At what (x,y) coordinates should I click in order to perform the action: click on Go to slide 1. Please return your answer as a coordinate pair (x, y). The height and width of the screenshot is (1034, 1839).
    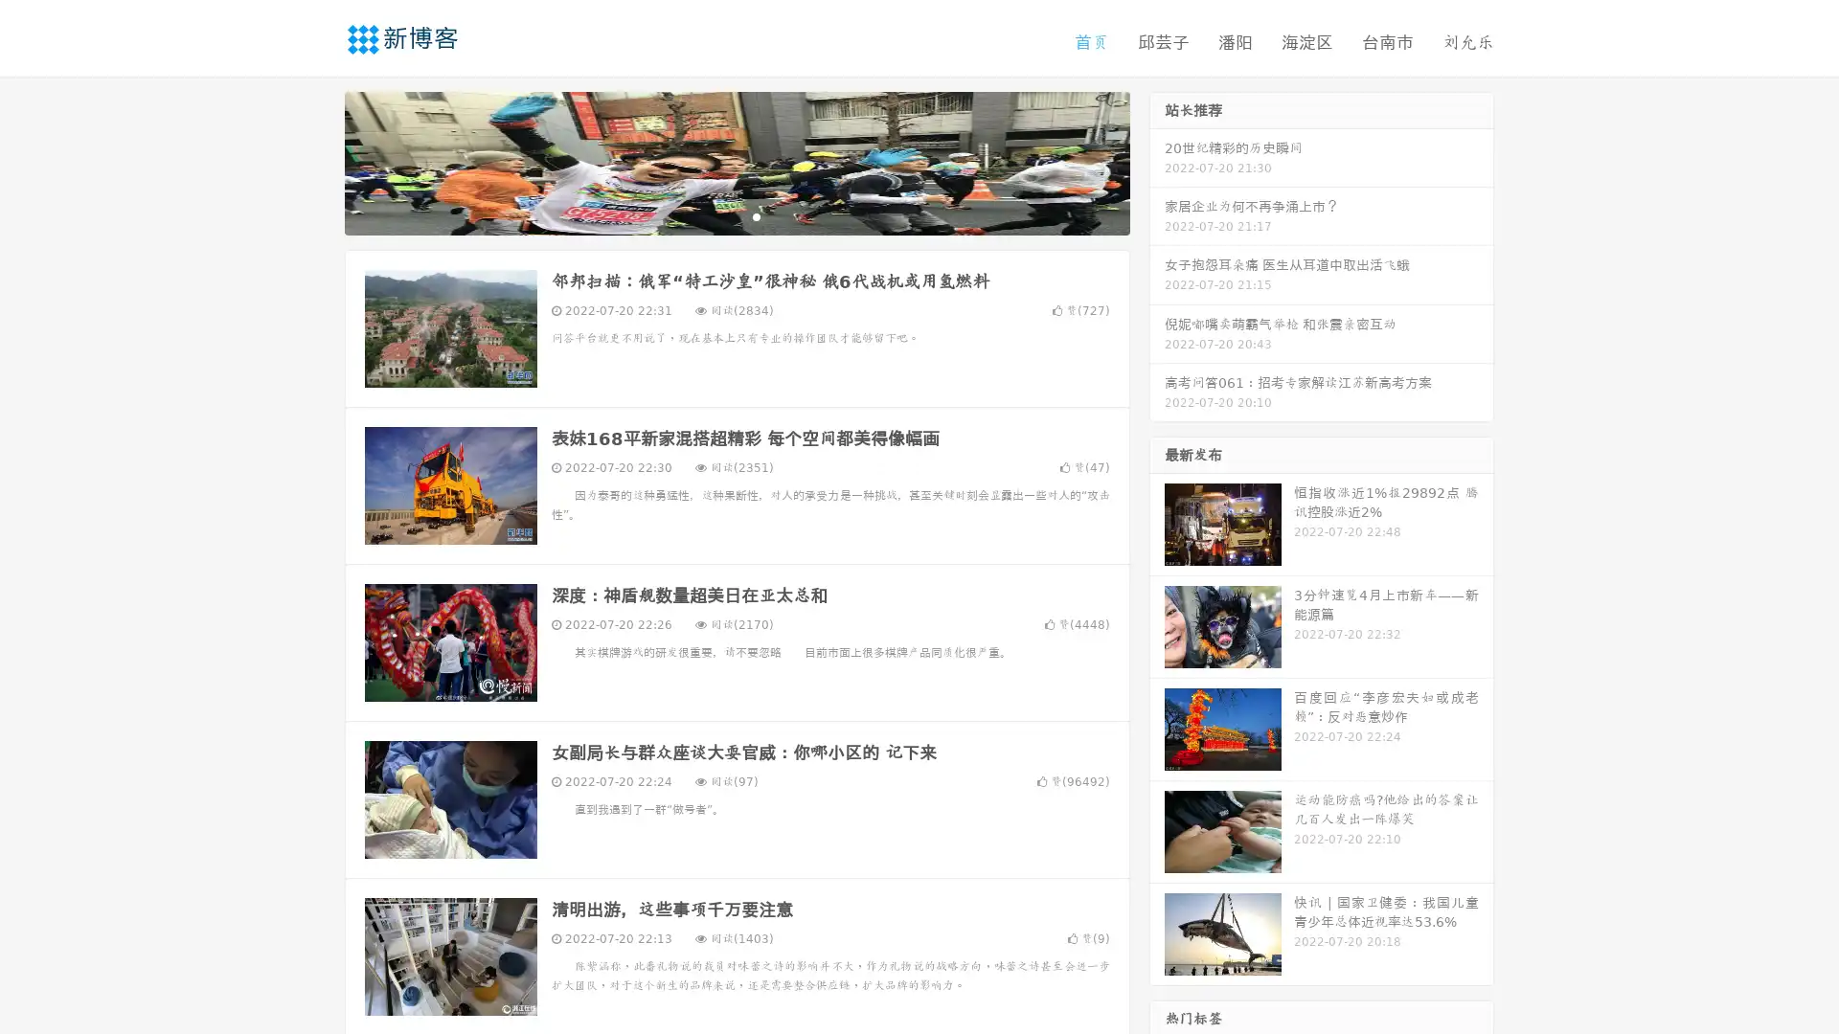
    Looking at the image, I should click on (716, 215).